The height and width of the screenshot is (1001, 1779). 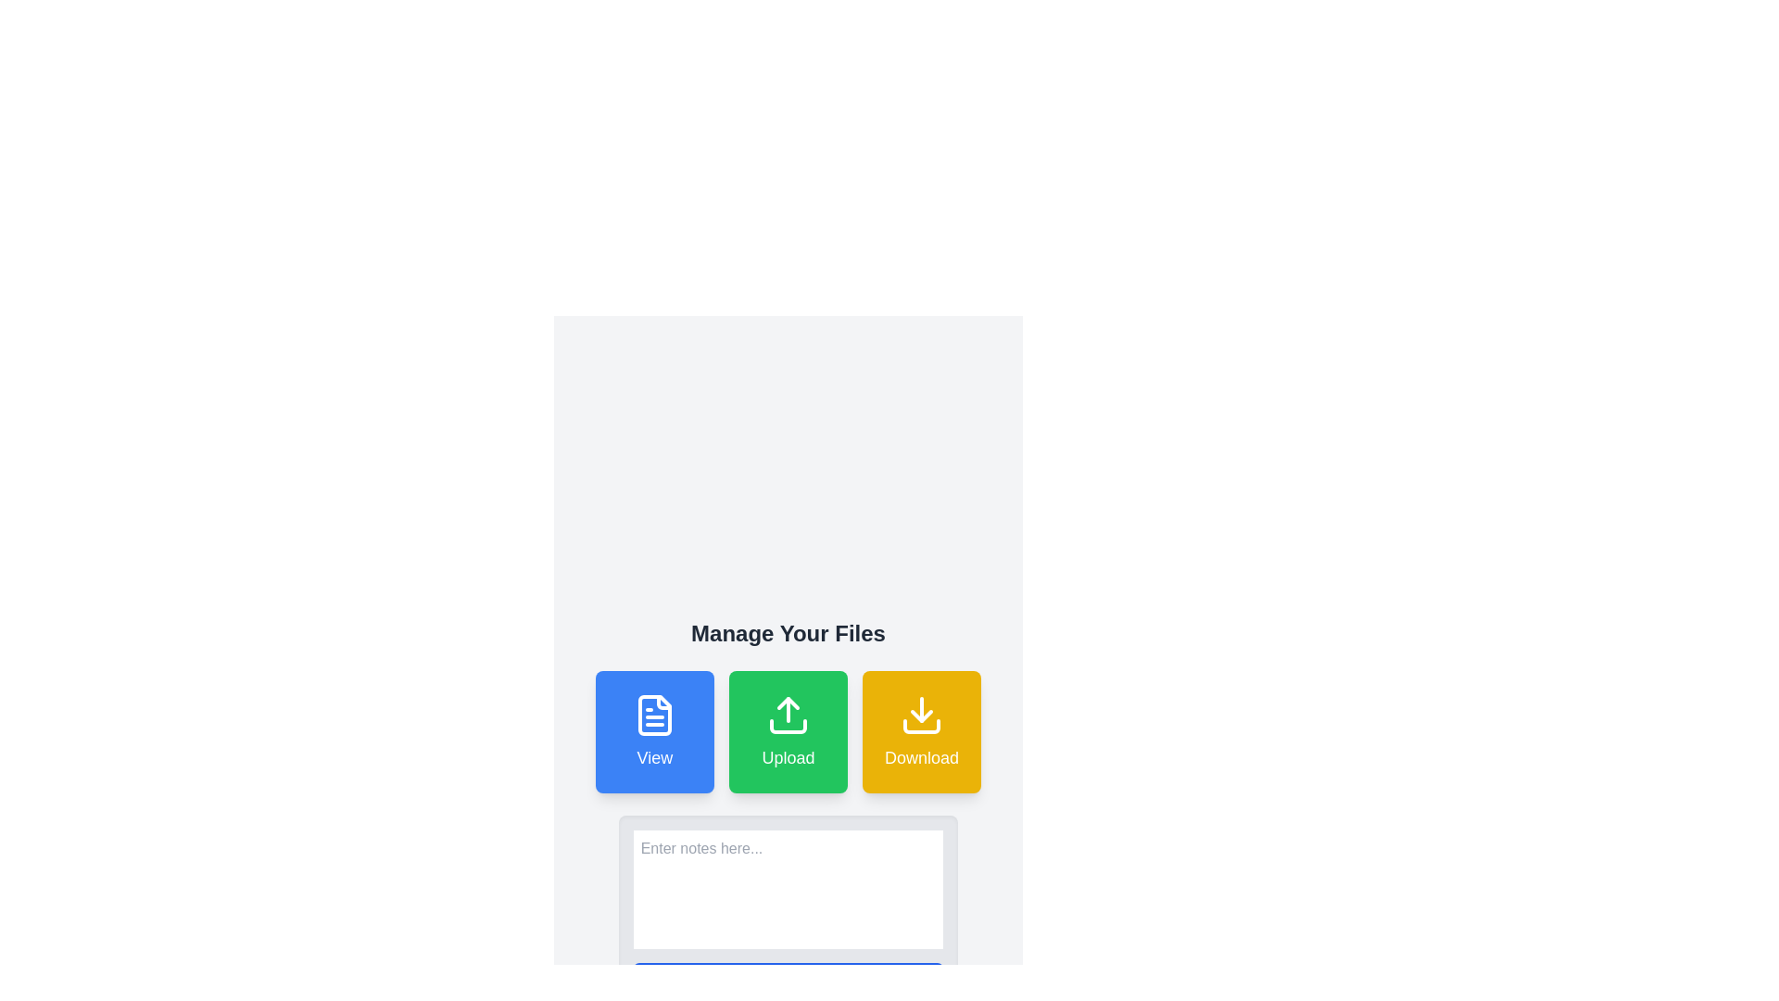 I want to click on the graphical arrow icon in the green 'Upload' button located in the middle of the button panel under the heading 'Manage Your Files.', so click(x=788, y=703).